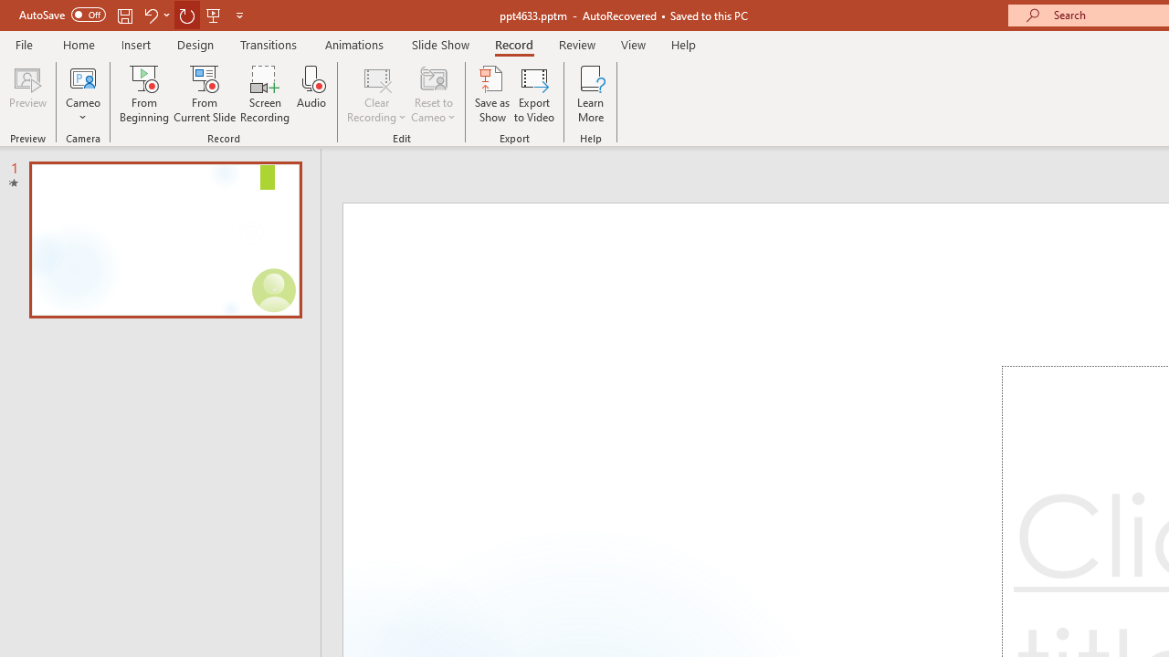 This screenshot has height=657, width=1169. I want to click on 'View', so click(633, 44).